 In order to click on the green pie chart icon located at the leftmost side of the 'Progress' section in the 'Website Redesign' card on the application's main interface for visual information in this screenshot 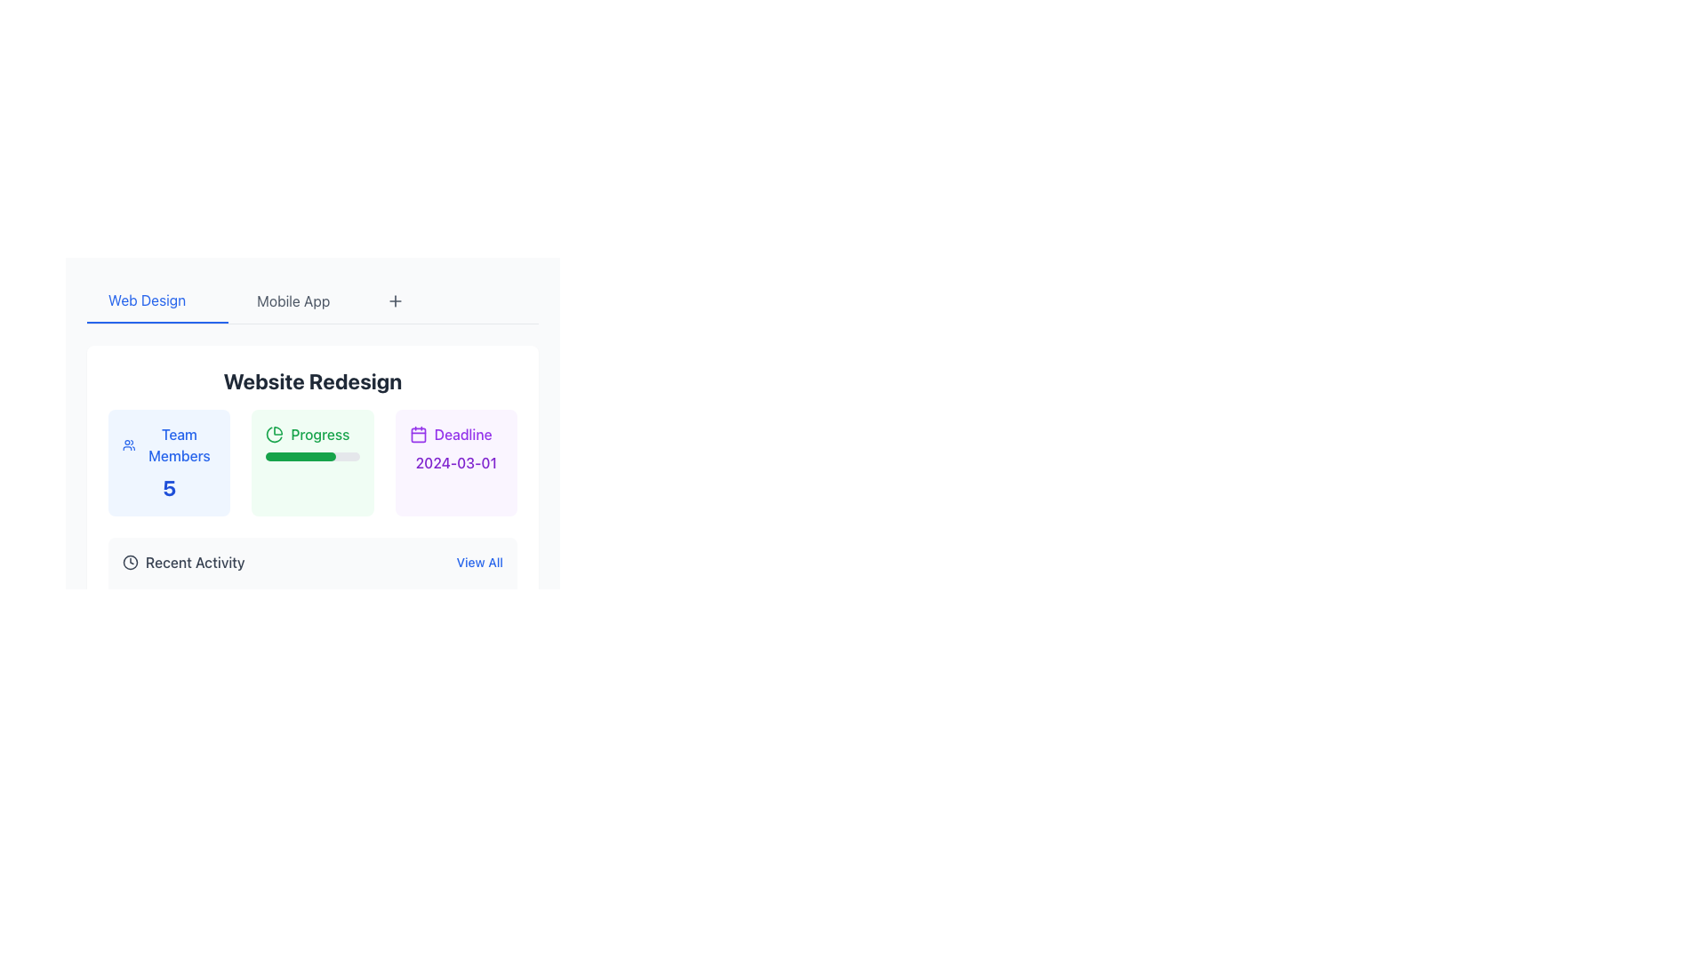, I will do `click(274, 435)`.